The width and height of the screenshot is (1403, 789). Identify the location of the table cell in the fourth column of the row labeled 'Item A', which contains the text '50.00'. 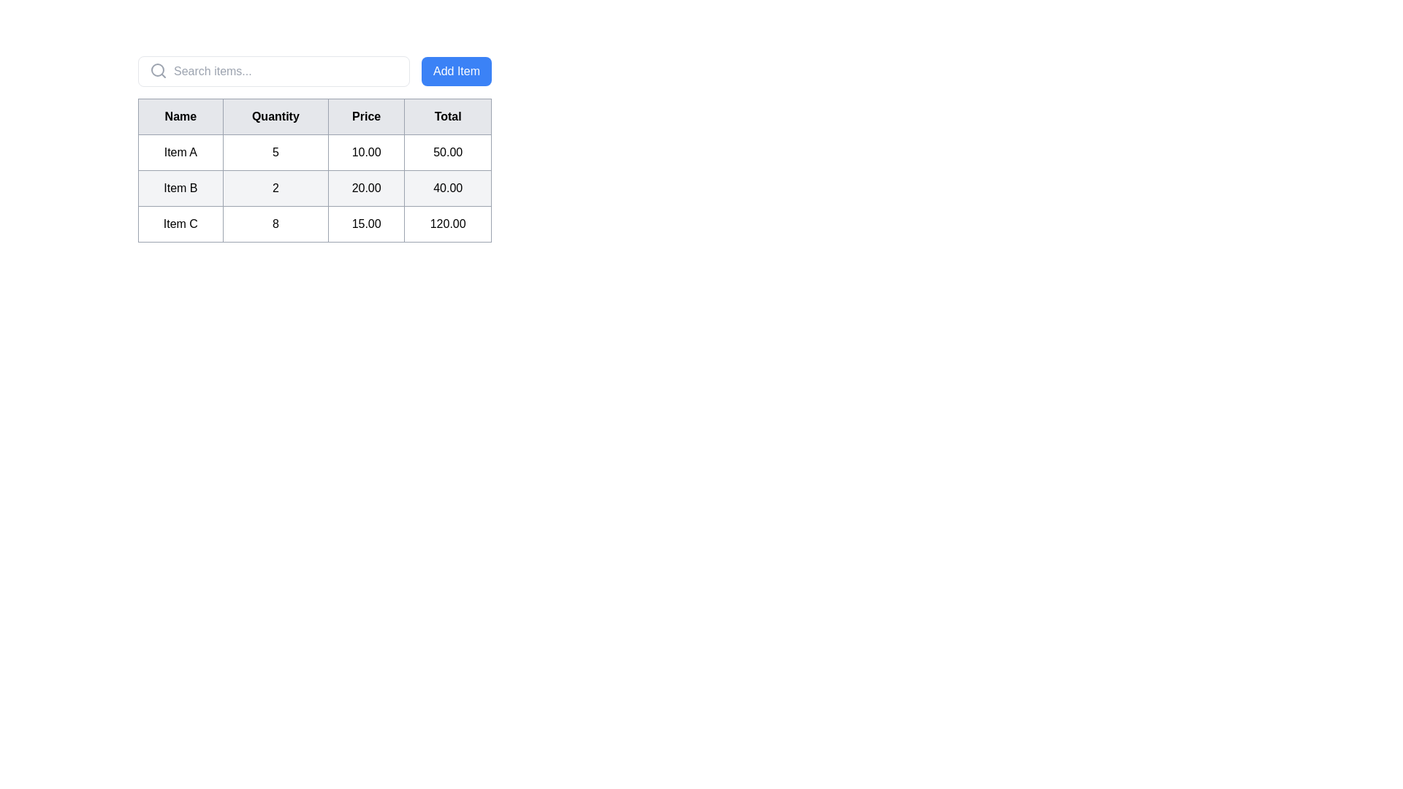
(447, 152).